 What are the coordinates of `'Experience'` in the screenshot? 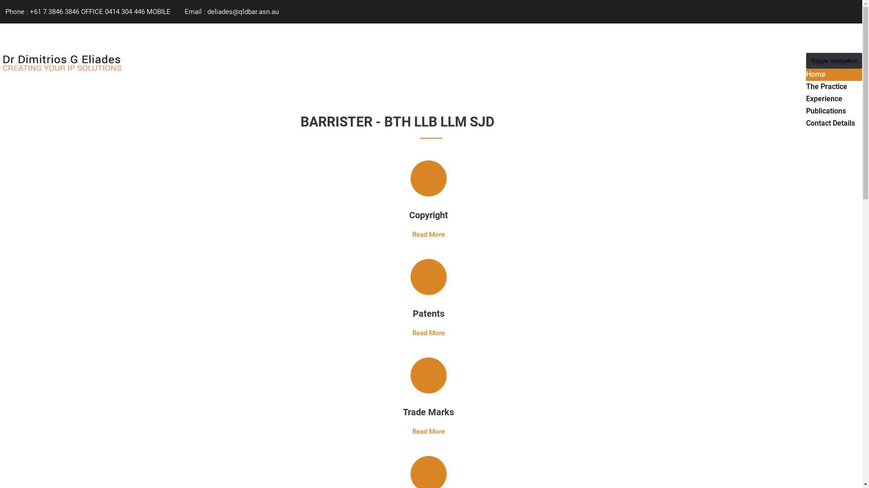 It's located at (824, 99).